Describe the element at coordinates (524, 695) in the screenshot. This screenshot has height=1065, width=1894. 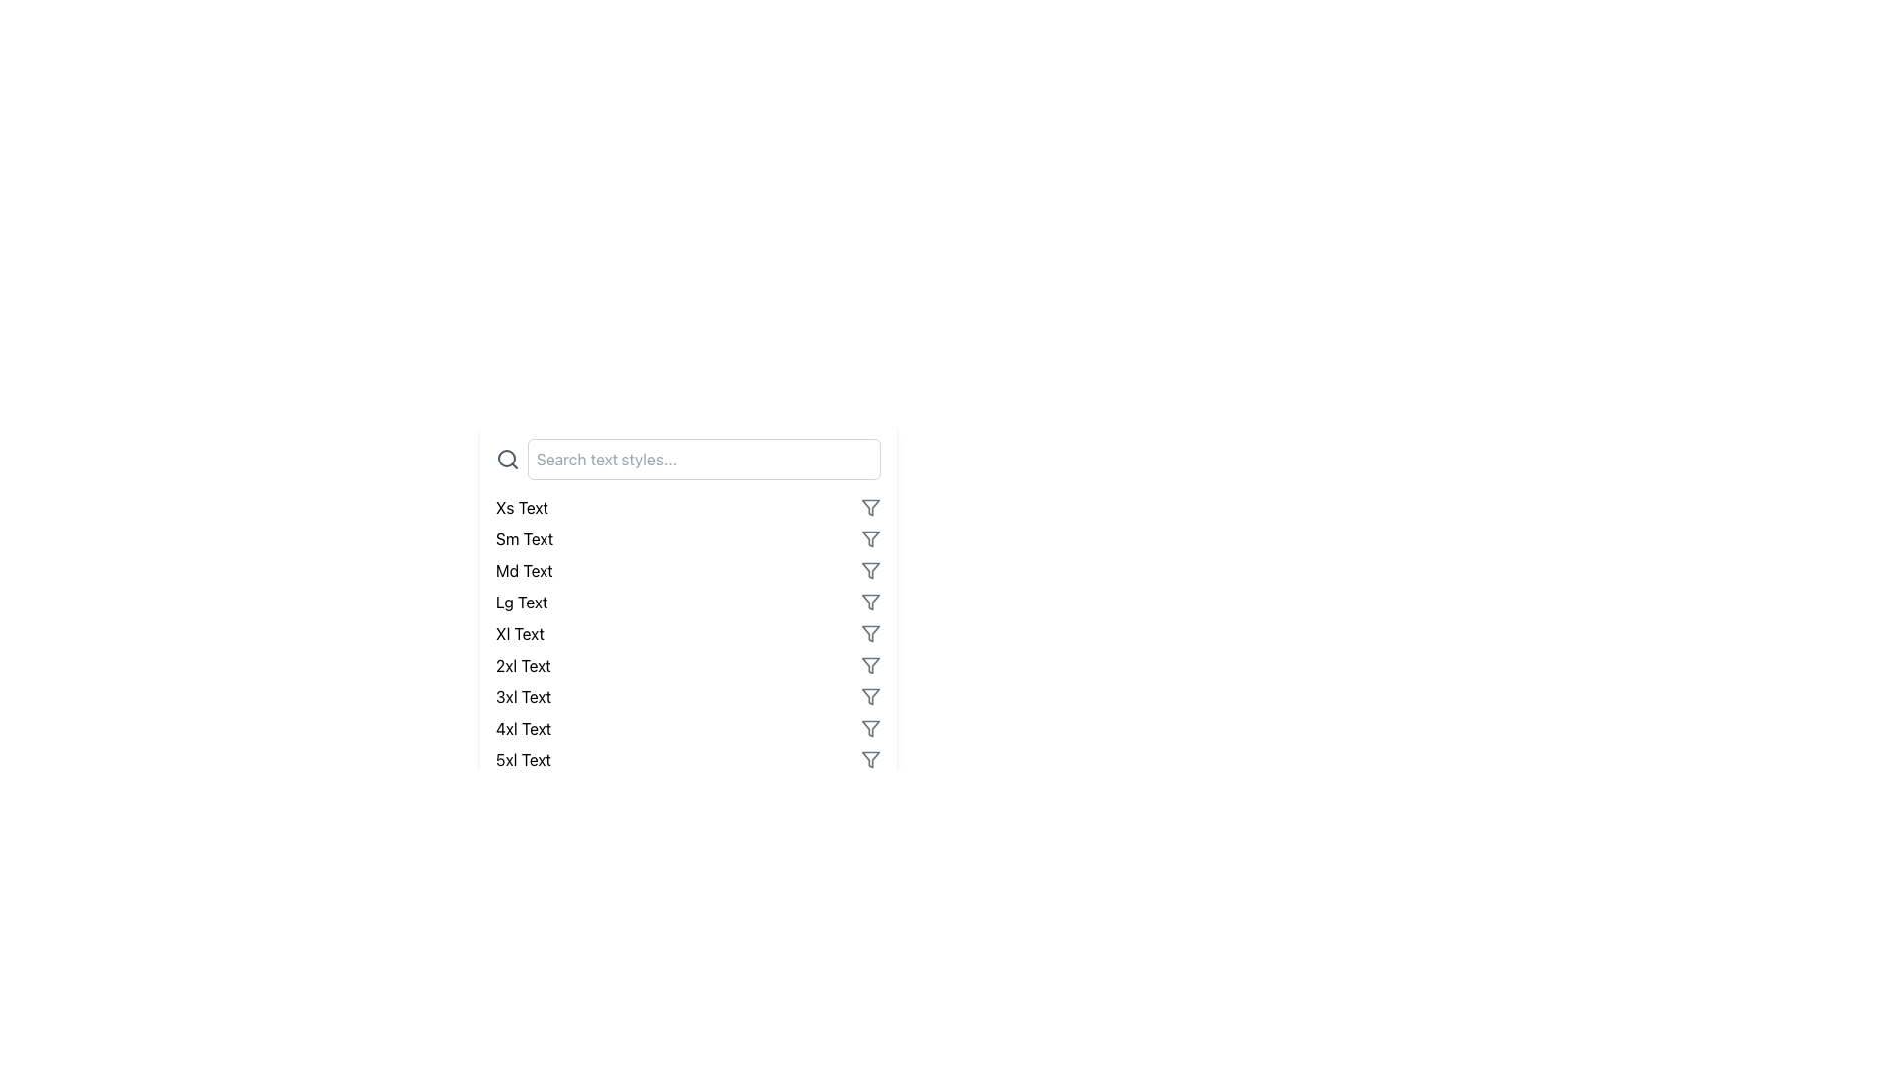
I see `the text element displaying '3xl Text', which is styled in a larger font and is the third entry from the bottom in a list of text styles` at that location.